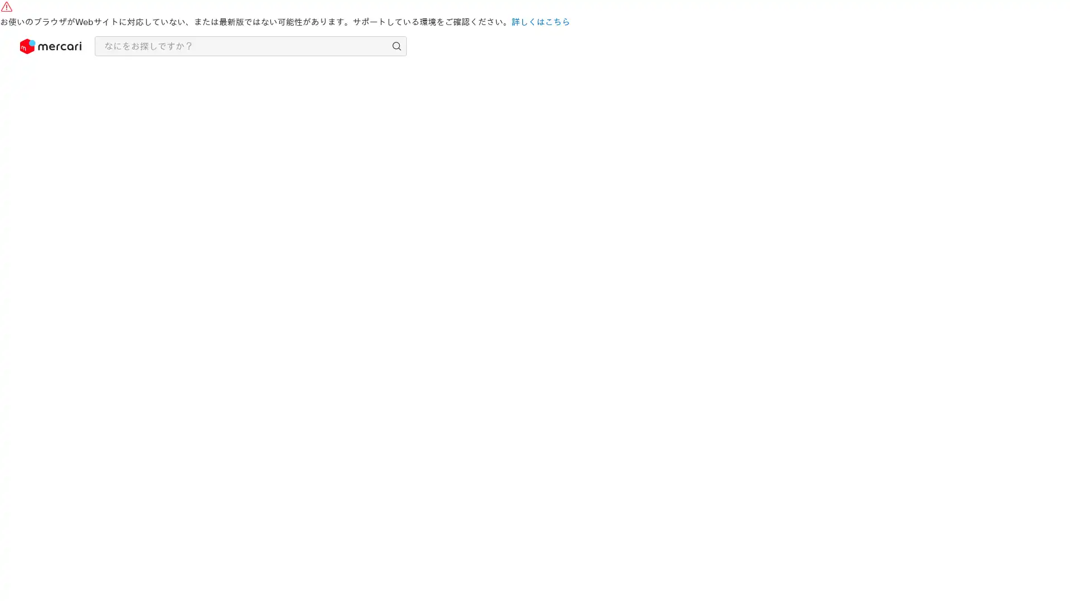 Image resolution: width=1070 pixels, height=601 pixels. What do you see at coordinates (742, 35) in the screenshot?
I see `Shop Now` at bounding box center [742, 35].